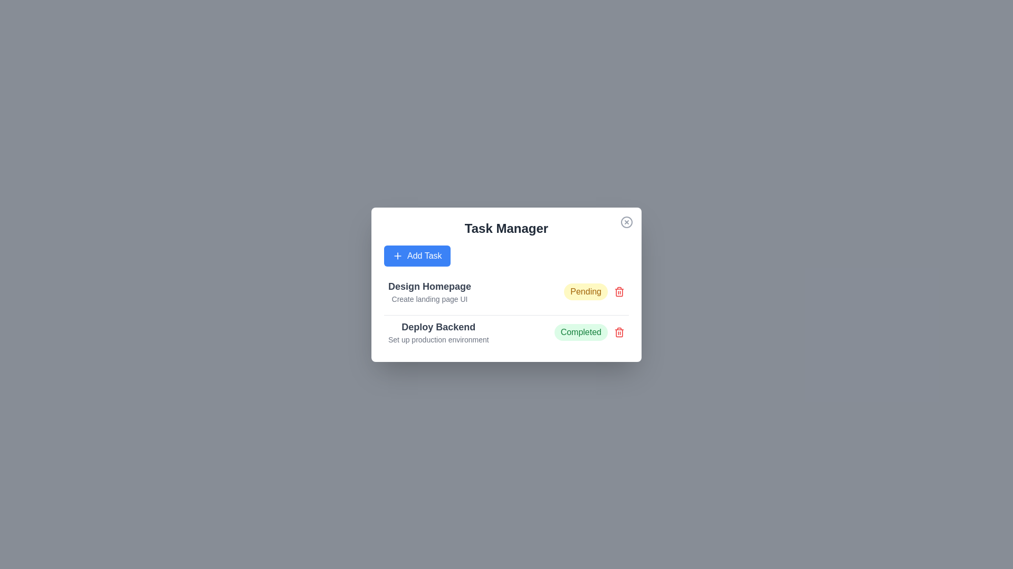  Describe the element at coordinates (619, 333) in the screenshot. I see `the trash can icon element located at the bottom right of the 'Deploy Backend' task row` at that location.